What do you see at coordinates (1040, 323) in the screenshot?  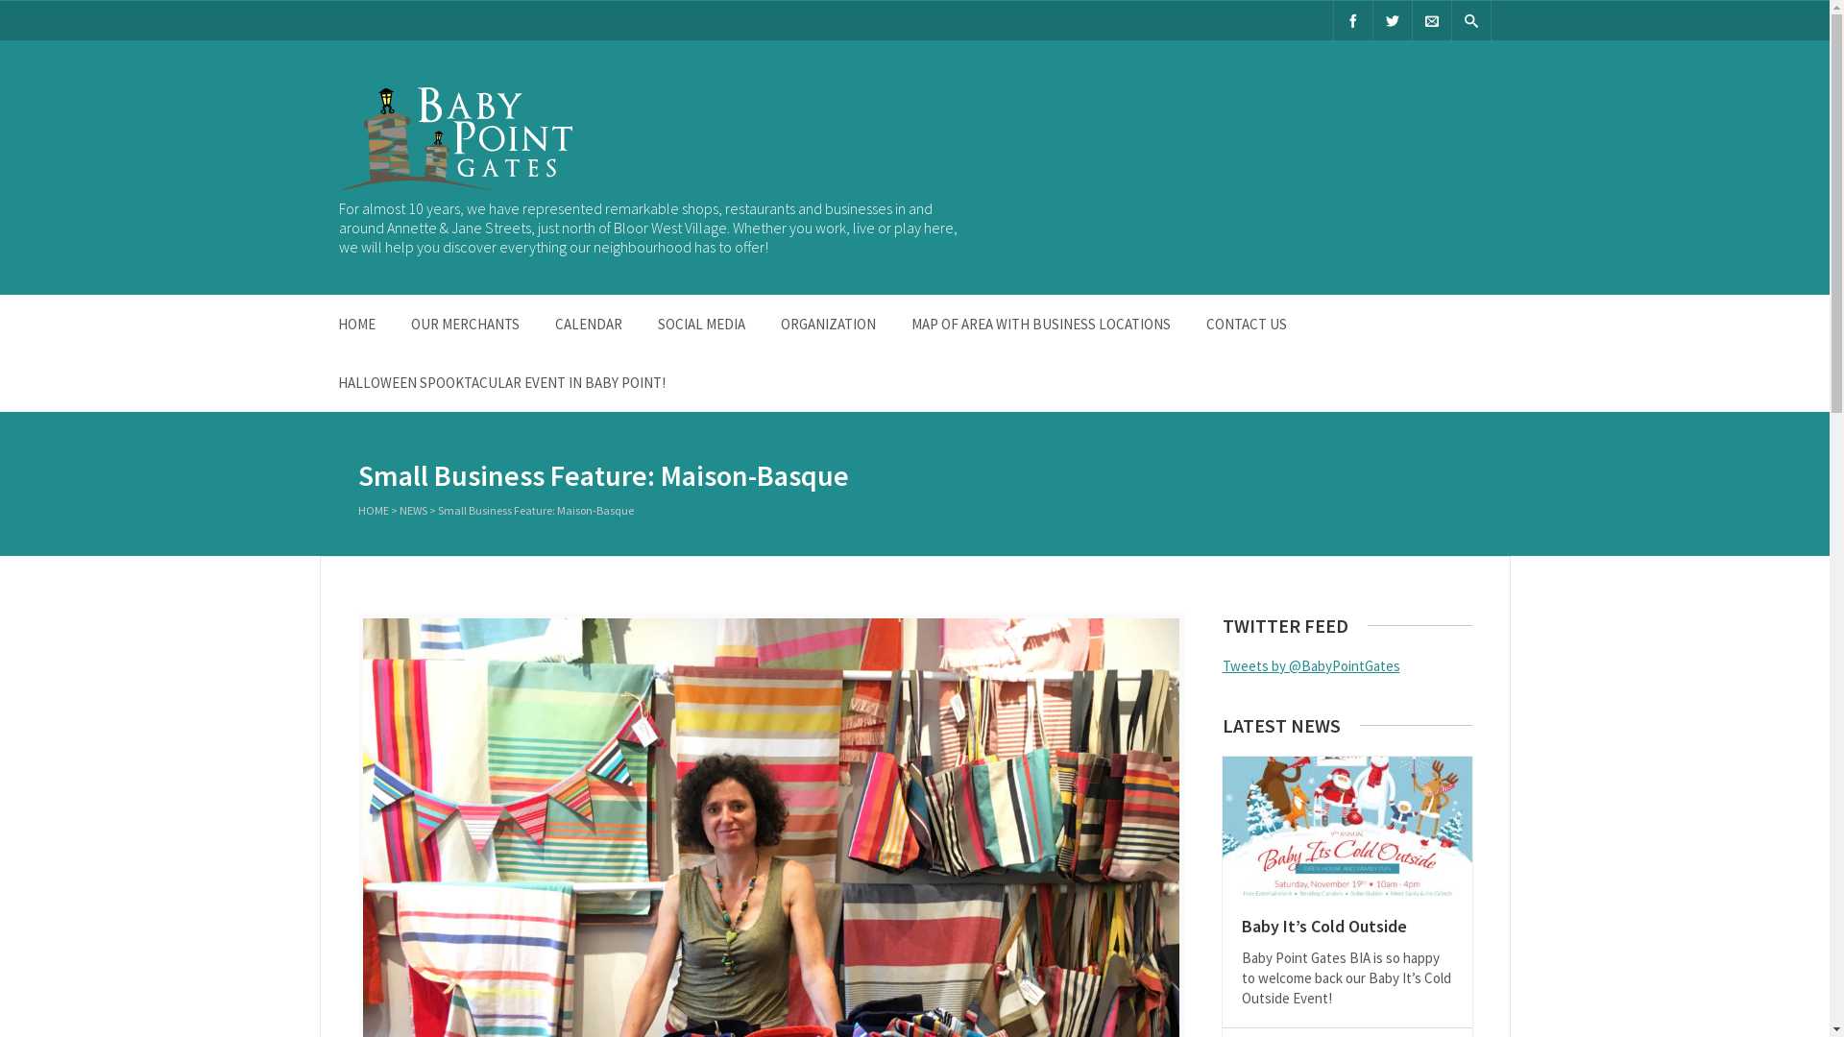 I see `'MAP OF AREA WITH BUSINESS LOCATIONS'` at bounding box center [1040, 323].